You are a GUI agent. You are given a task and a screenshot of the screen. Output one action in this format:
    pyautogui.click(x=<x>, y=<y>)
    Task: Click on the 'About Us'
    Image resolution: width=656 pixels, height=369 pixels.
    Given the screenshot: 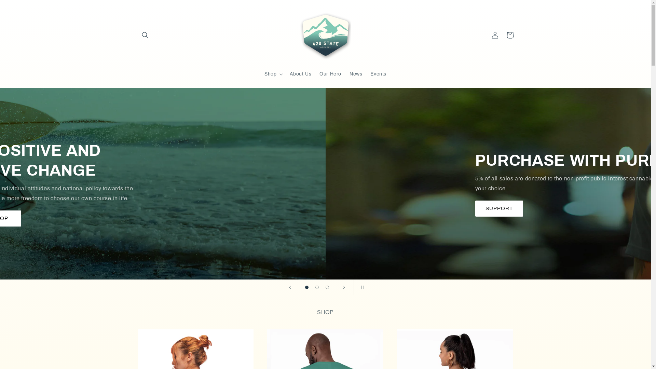 What is the action you would take?
    pyautogui.click(x=285, y=74)
    